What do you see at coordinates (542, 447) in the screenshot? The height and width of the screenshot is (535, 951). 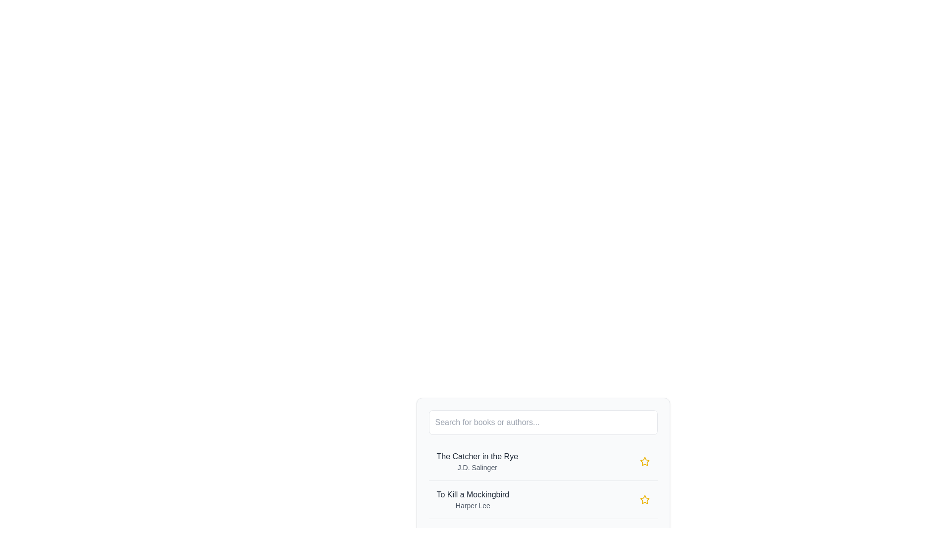 I see `the first selectable book entry in the list for 'The Catcher in the Rye'` at bounding box center [542, 447].